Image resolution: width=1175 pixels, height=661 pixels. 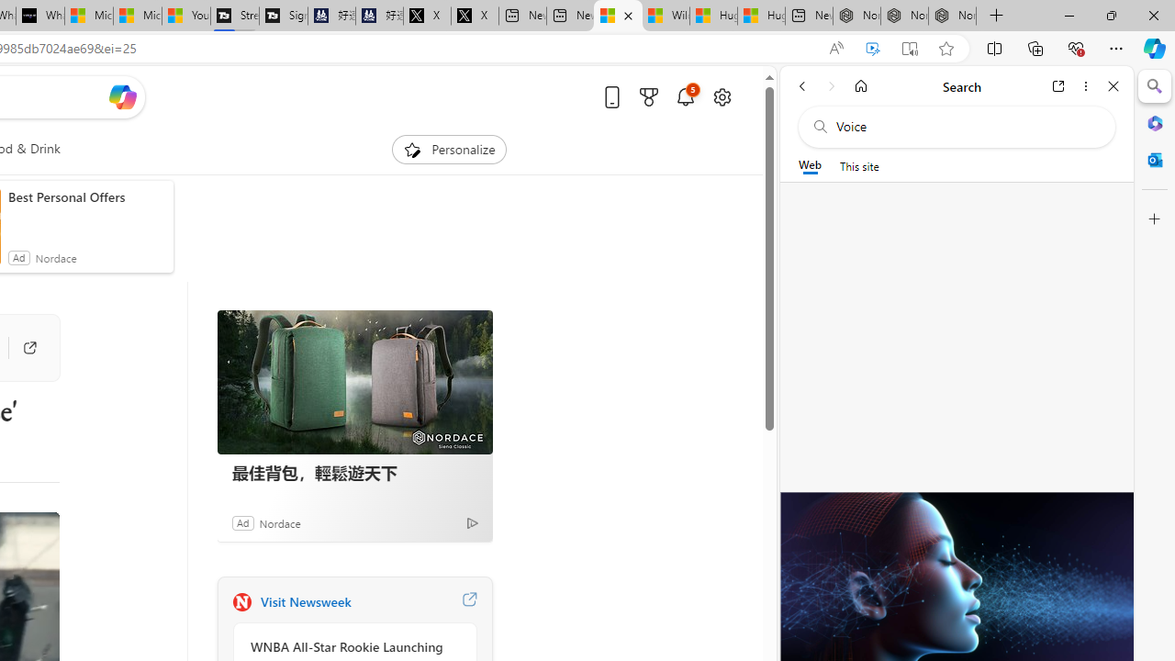 I want to click on 'Nordace - Best Sellers', so click(x=856, y=16).